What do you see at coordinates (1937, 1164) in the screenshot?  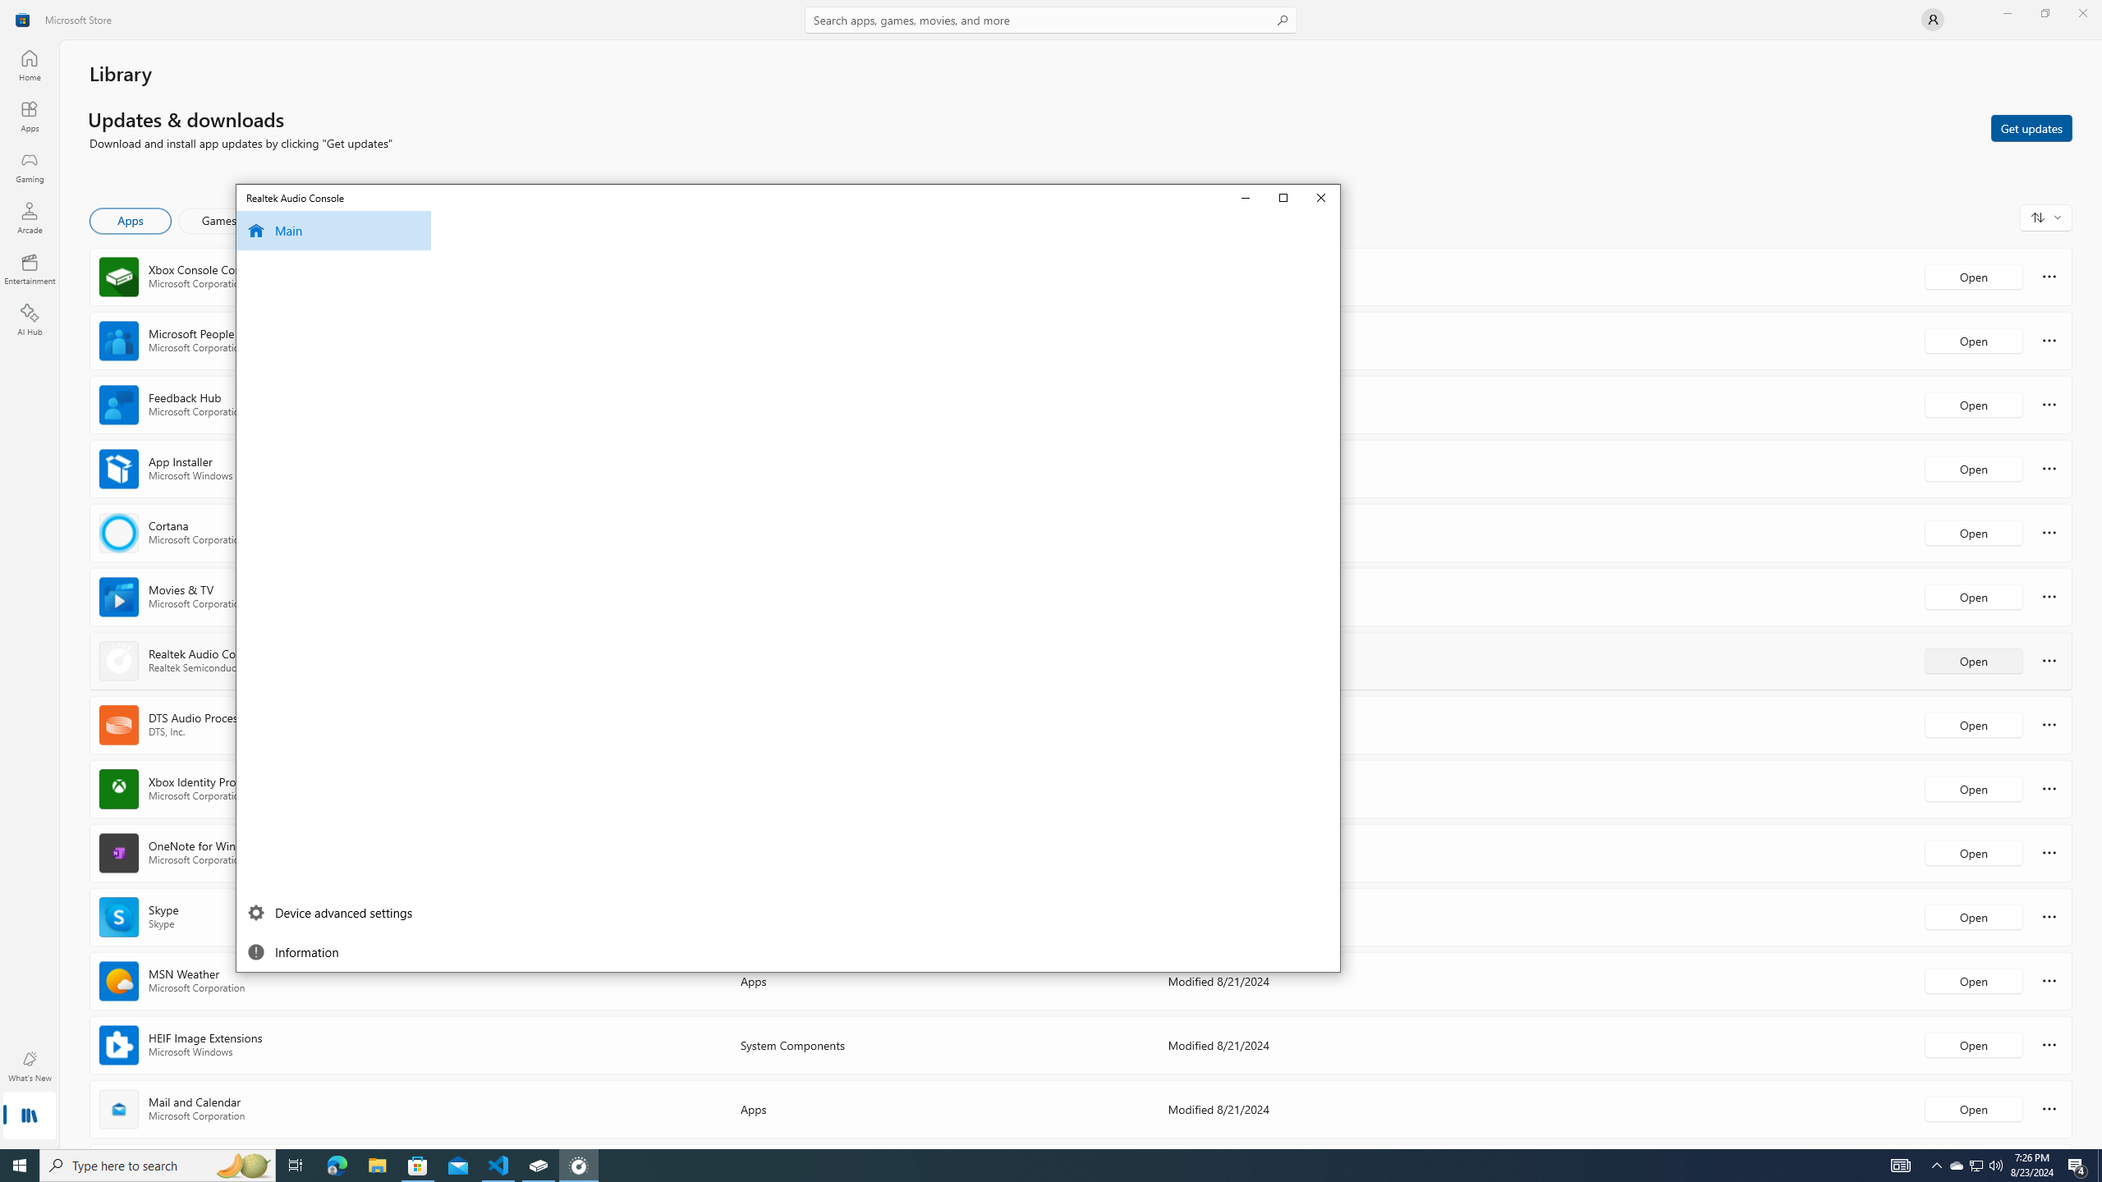 I see `'Notification Chevron'` at bounding box center [1937, 1164].